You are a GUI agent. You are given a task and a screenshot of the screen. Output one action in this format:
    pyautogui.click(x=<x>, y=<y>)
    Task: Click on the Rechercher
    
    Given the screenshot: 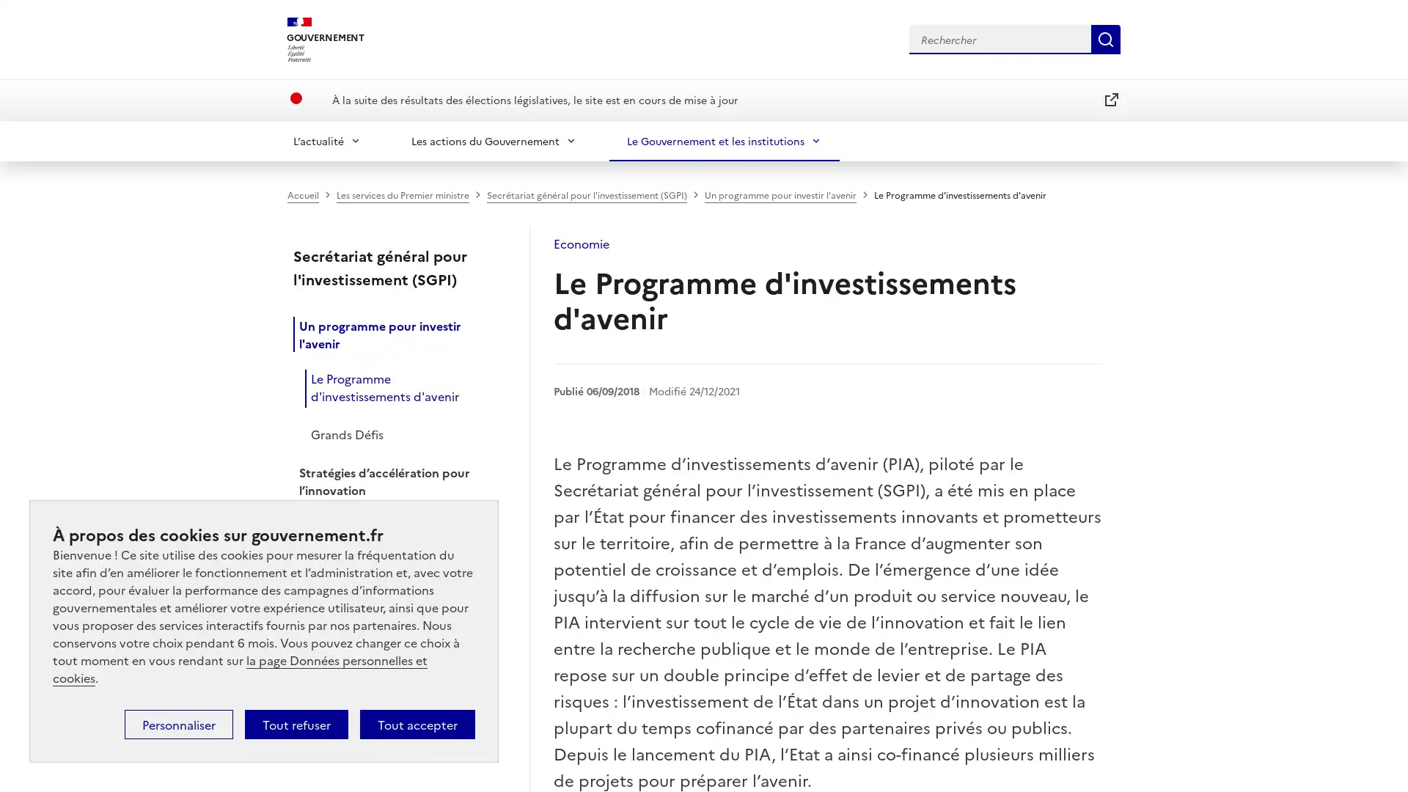 What is the action you would take?
    pyautogui.click(x=1105, y=38)
    